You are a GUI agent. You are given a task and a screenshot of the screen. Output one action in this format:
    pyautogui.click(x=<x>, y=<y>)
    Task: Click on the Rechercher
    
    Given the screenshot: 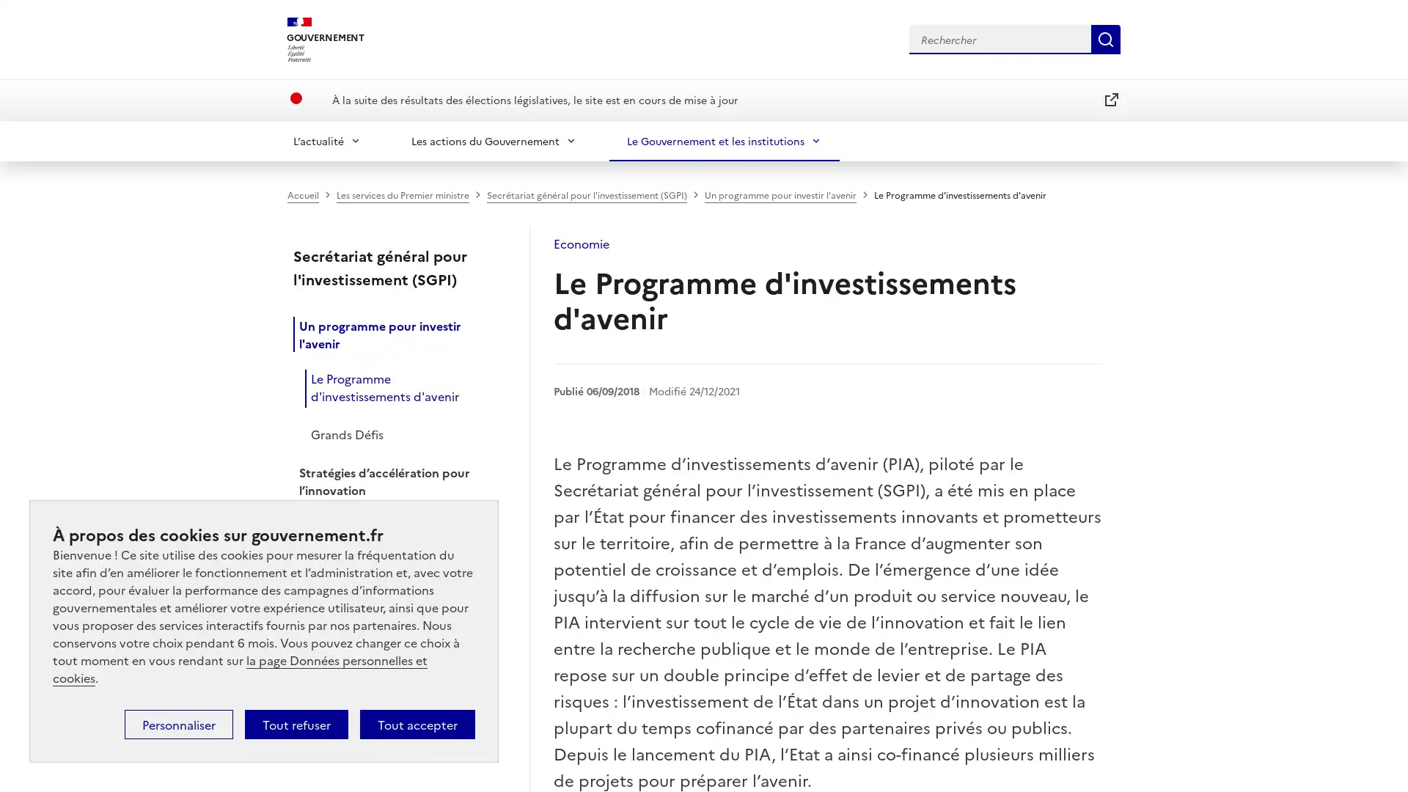 What is the action you would take?
    pyautogui.click(x=1105, y=38)
    